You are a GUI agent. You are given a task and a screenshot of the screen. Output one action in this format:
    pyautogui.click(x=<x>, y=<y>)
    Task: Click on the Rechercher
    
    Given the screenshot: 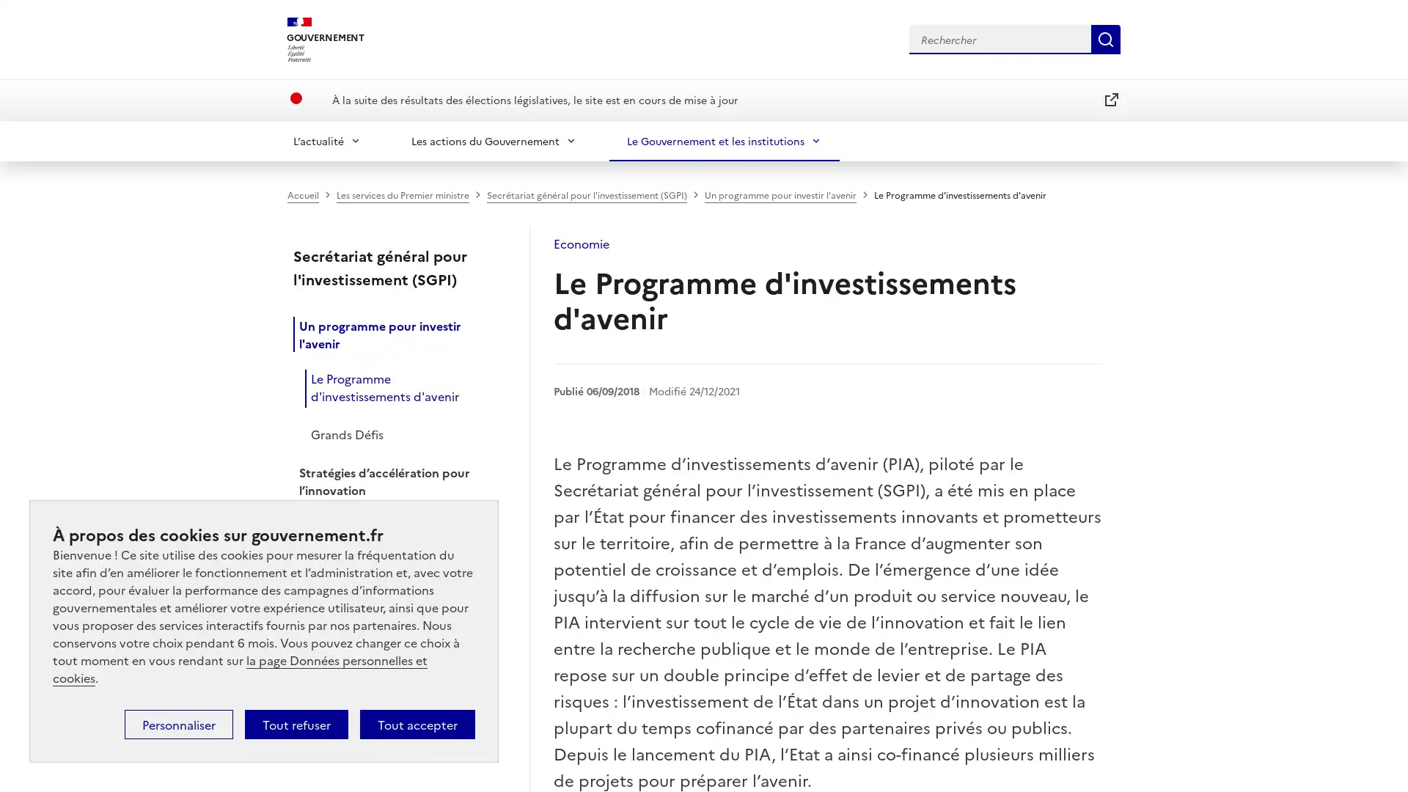 What is the action you would take?
    pyautogui.click(x=1105, y=38)
    